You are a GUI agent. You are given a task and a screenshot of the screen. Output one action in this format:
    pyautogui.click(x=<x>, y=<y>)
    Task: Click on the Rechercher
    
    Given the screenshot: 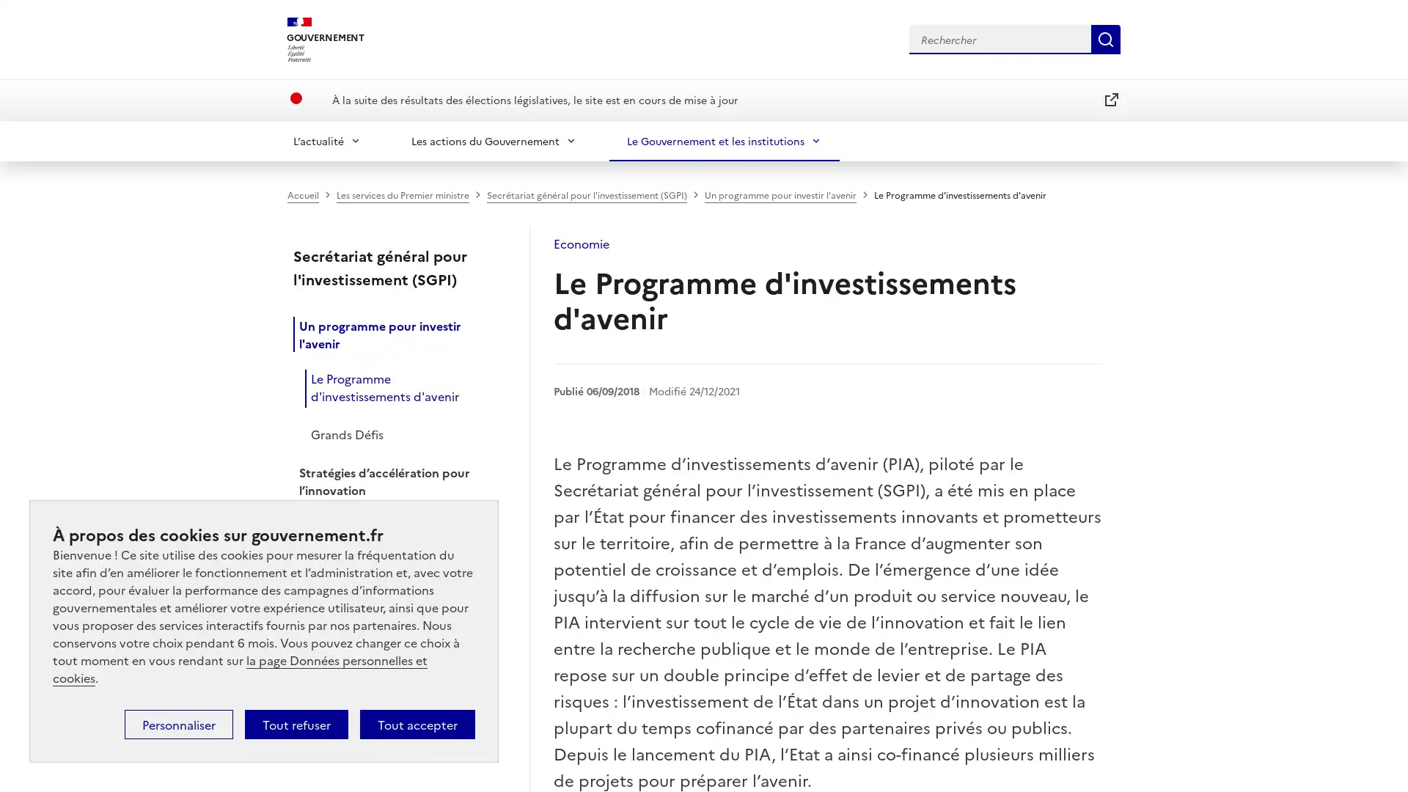 What is the action you would take?
    pyautogui.click(x=1105, y=38)
    